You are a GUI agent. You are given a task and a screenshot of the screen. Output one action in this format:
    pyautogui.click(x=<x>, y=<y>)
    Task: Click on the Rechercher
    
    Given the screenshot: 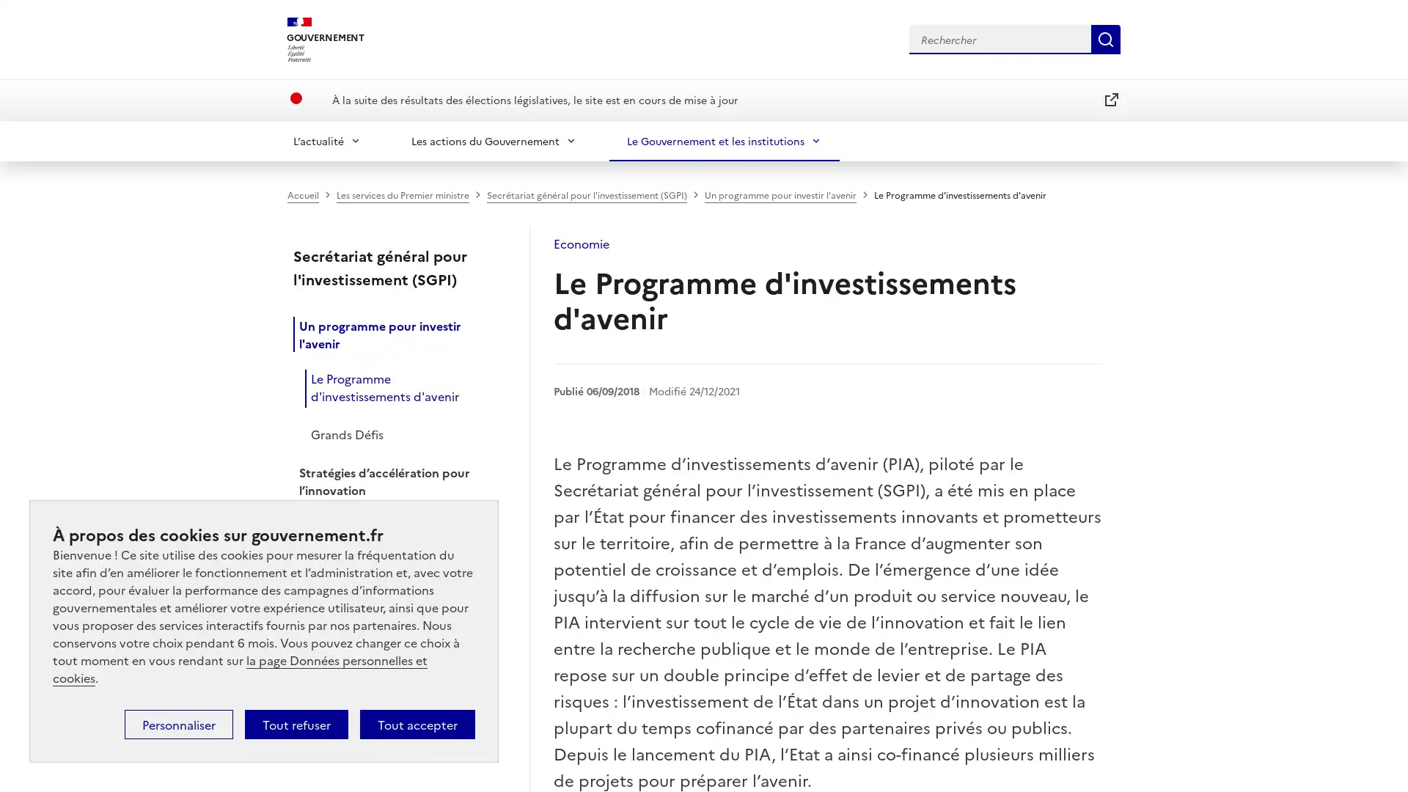 What is the action you would take?
    pyautogui.click(x=1105, y=38)
    